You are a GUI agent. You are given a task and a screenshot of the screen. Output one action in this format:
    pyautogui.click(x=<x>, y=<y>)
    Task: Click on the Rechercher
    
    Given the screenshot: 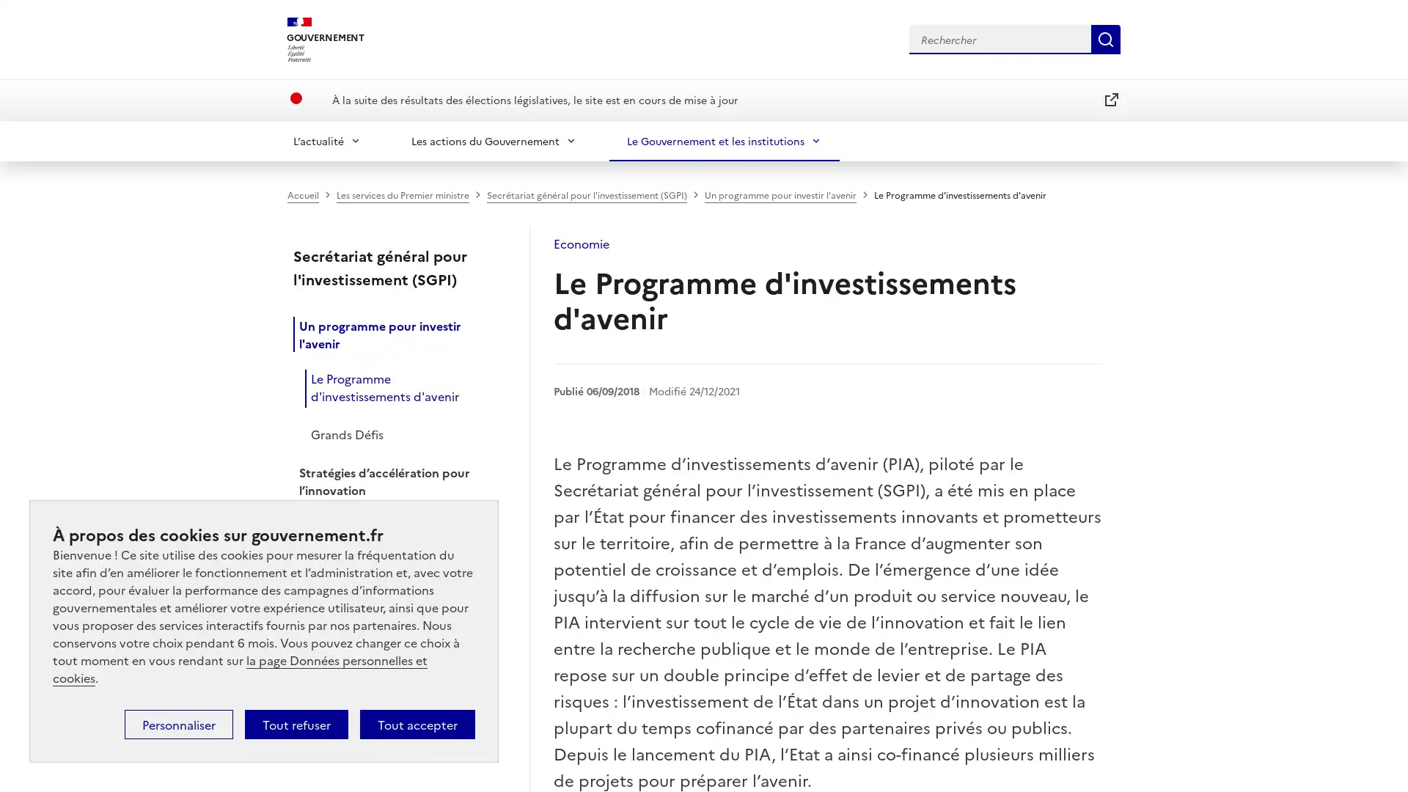 What is the action you would take?
    pyautogui.click(x=1105, y=38)
    